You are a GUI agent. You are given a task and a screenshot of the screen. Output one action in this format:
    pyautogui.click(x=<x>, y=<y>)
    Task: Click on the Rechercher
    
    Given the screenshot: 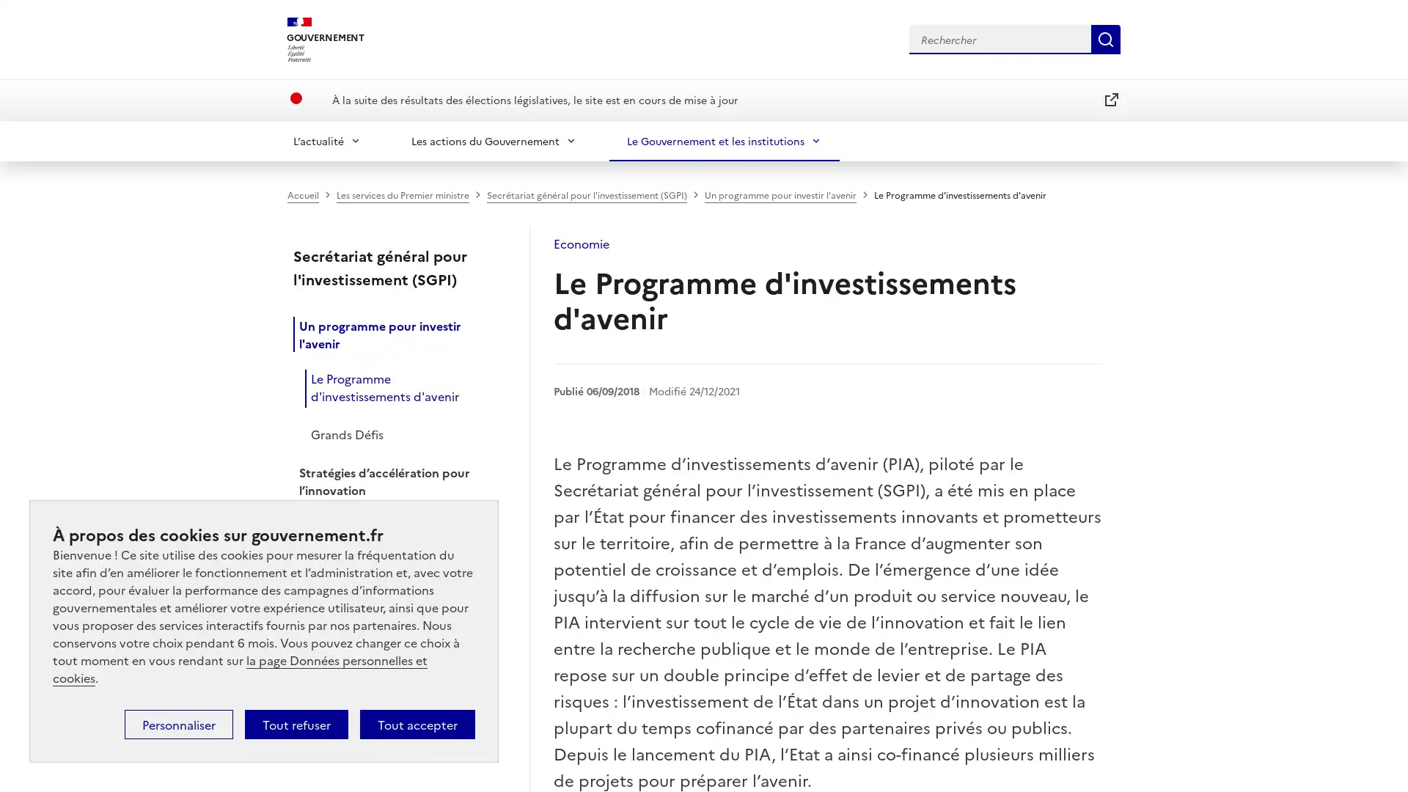 What is the action you would take?
    pyautogui.click(x=1105, y=38)
    